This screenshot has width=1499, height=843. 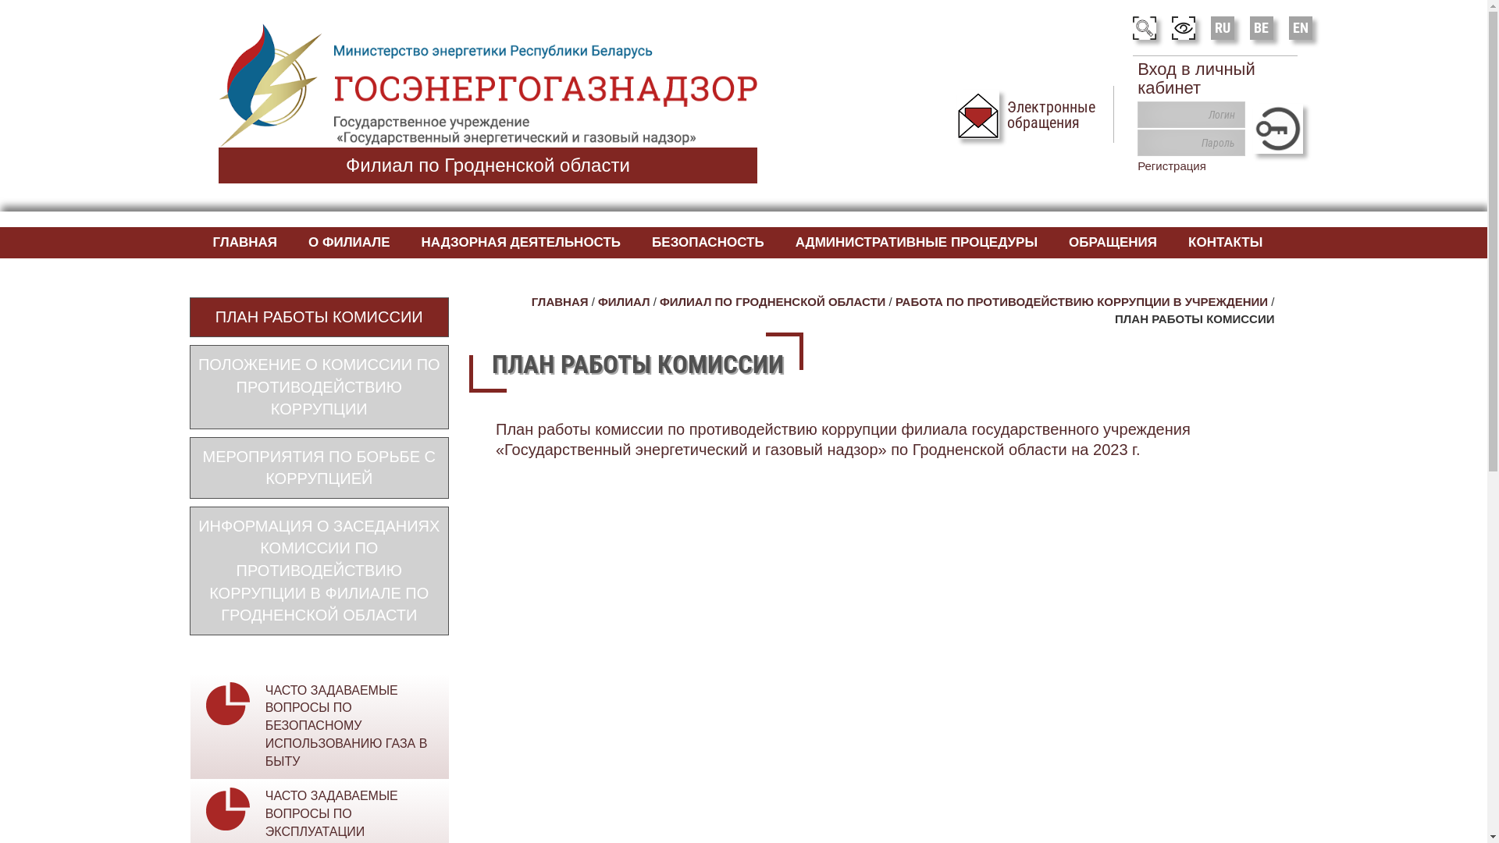 I want to click on 'EN', so click(x=1300, y=27).